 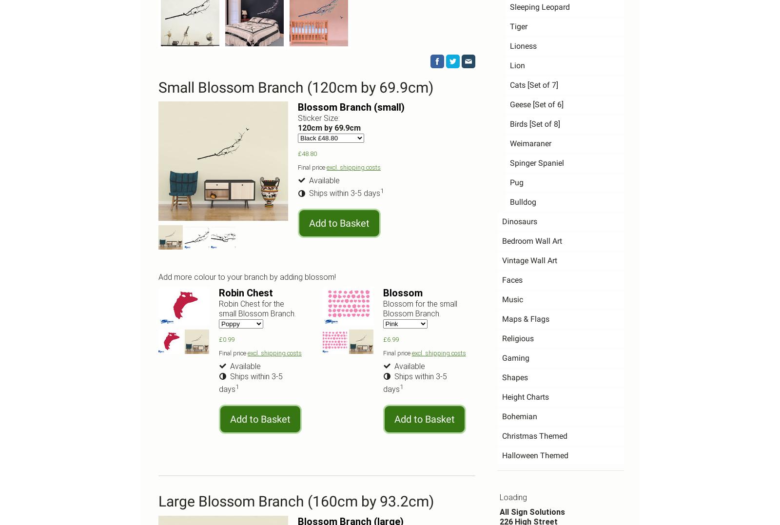 What do you see at coordinates (512, 298) in the screenshot?
I see `'Music'` at bounding box center [512, 298].